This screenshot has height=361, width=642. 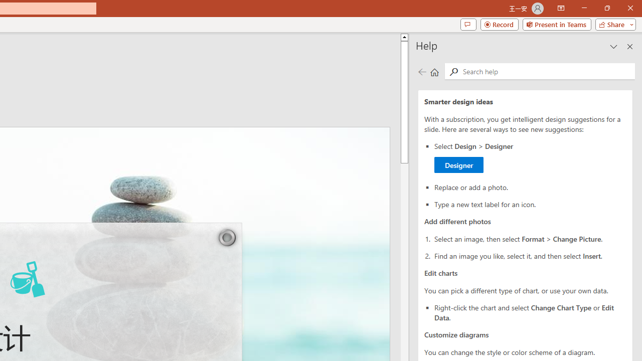 I want to click on 'Designer', so click(x=458, y=164).